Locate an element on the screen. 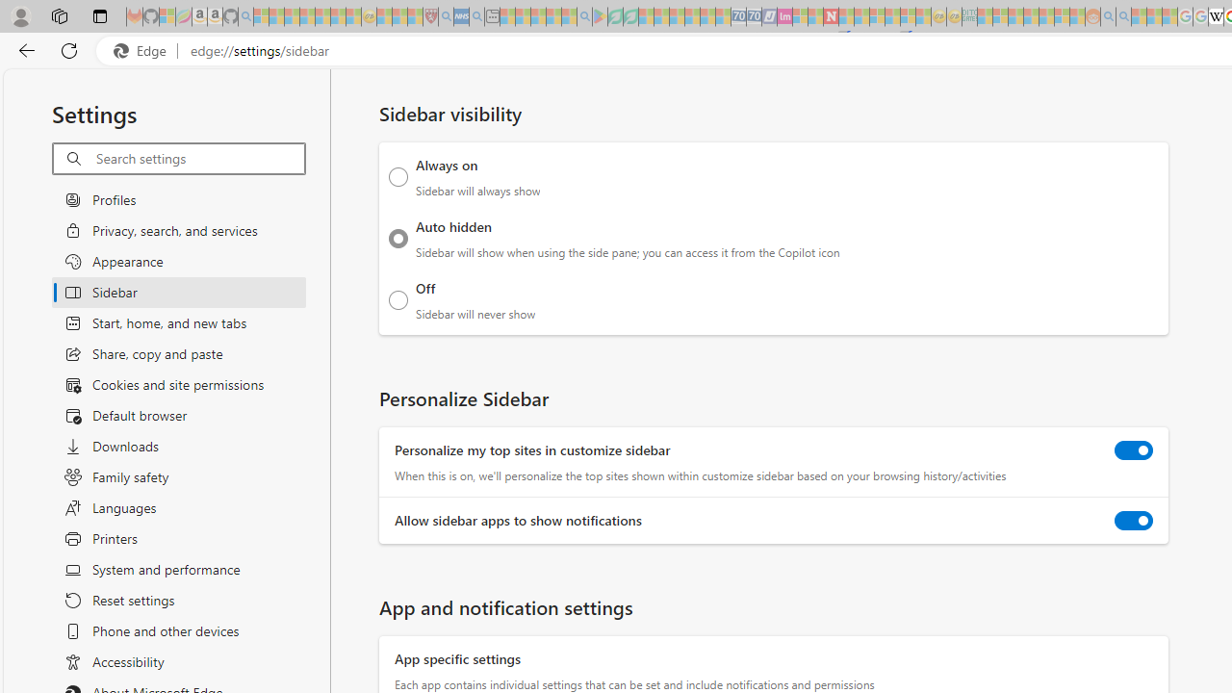 This screenshot has height=693, width=1232. 'Always on Sidebar will always show' is located at coordinates (398, 176).